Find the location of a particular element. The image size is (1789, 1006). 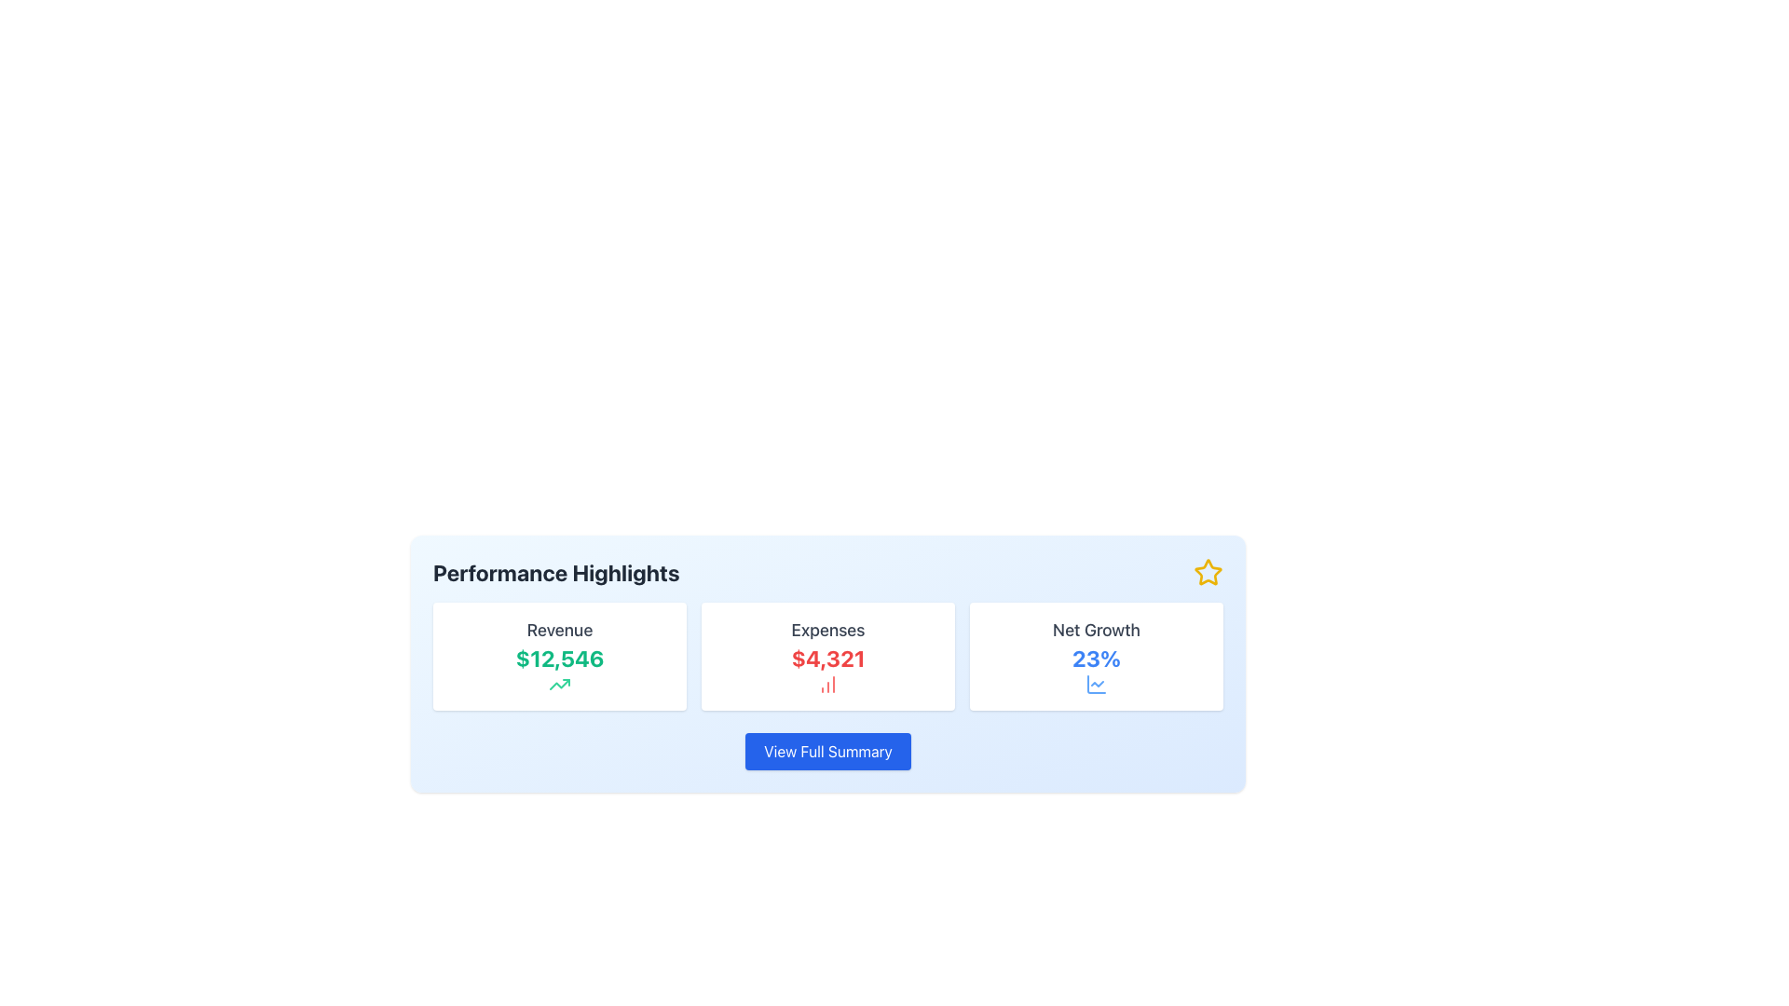

the 'Expenses' icon located beneath the text '$4,321' in the Expenses section of the interface is located at coordinates (826, 685).